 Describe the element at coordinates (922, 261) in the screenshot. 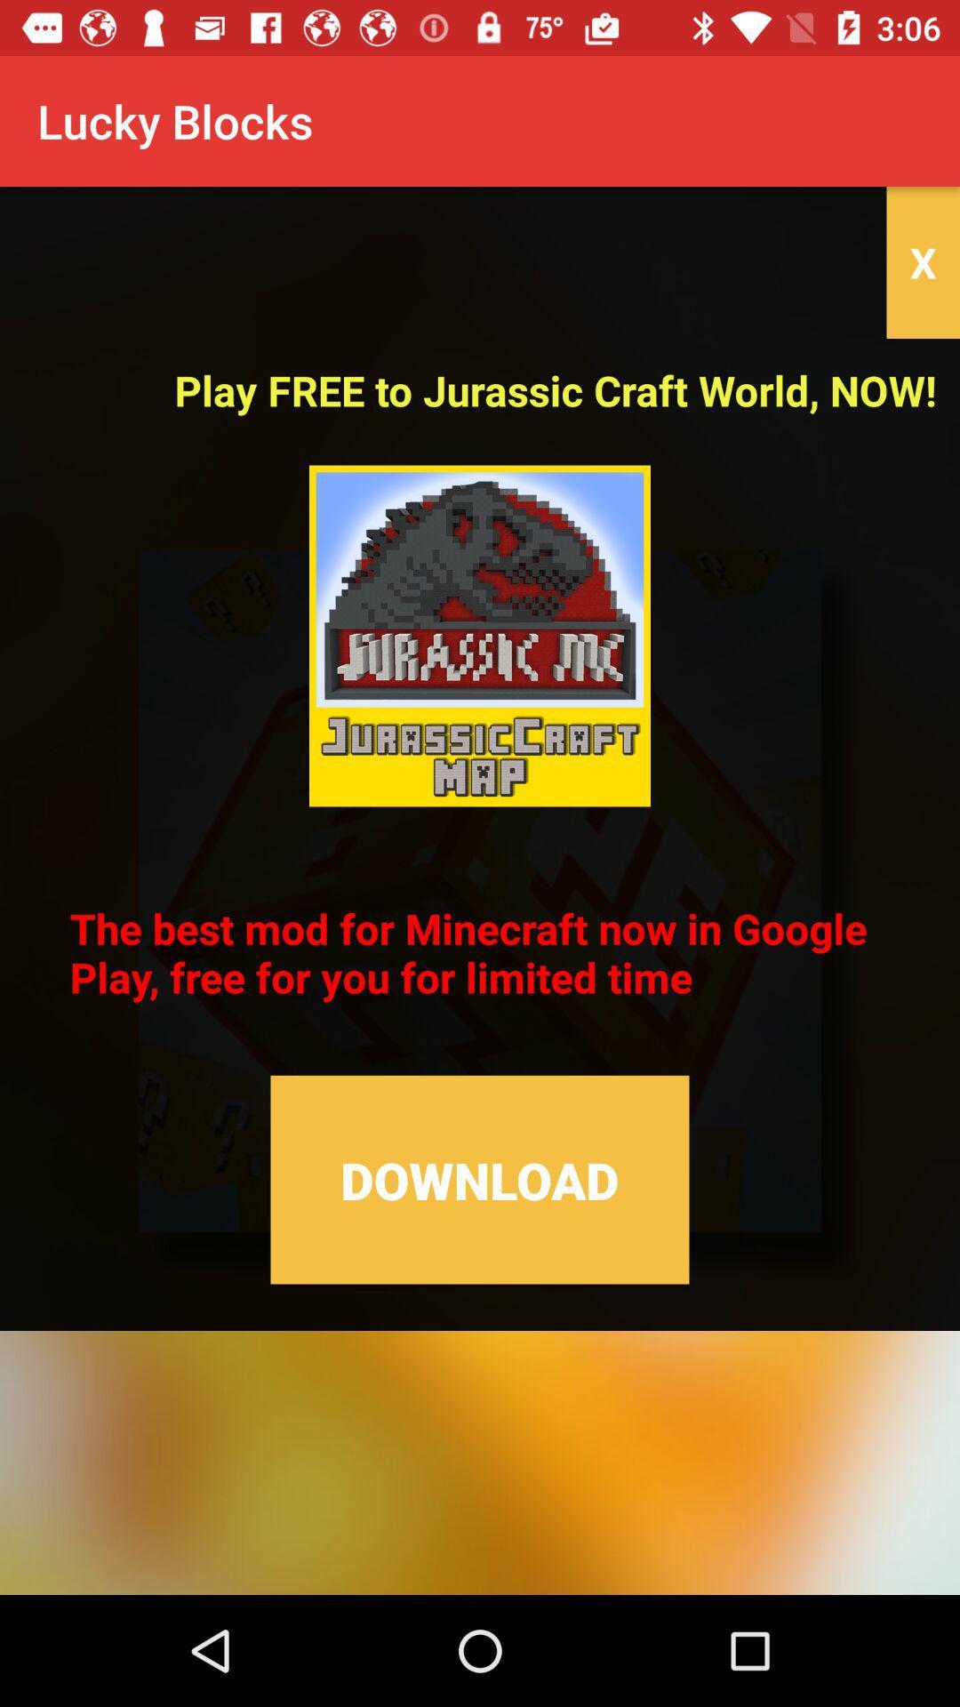

I see `the x item` at that location.